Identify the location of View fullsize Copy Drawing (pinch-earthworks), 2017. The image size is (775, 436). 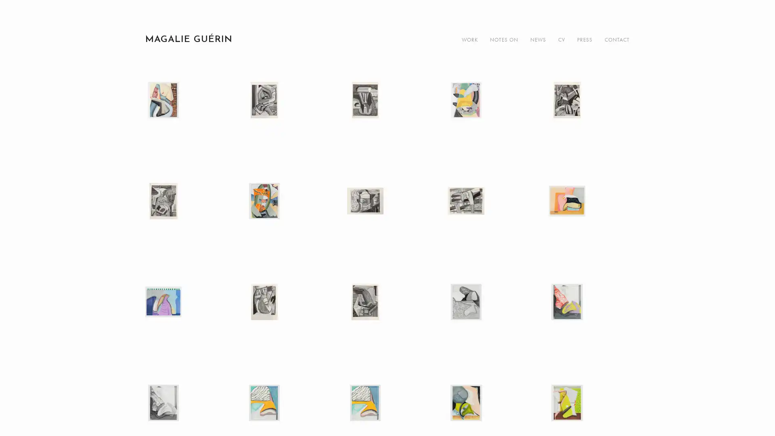
(287, 223).